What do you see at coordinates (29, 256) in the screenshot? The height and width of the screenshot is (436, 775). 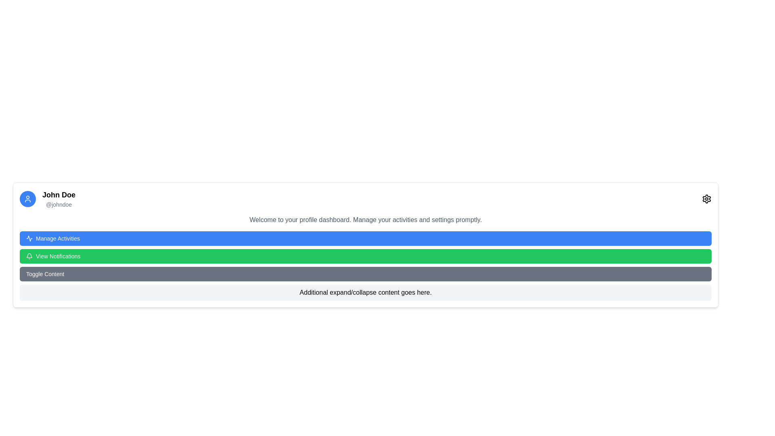 I see `the 'View Notifications' icon, which is located to the left of the green button labeled 'View Notifications'` at bounding box center [29, 256].